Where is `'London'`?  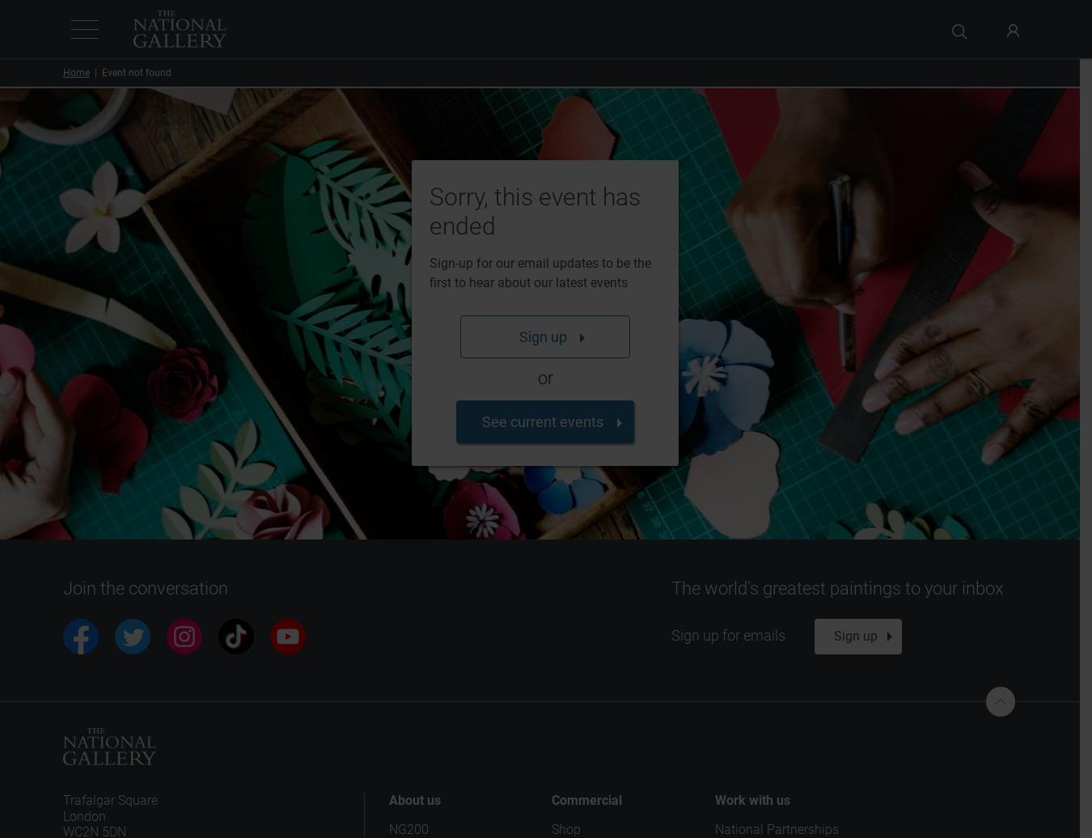
'London' is located at coordinates (83, 815).